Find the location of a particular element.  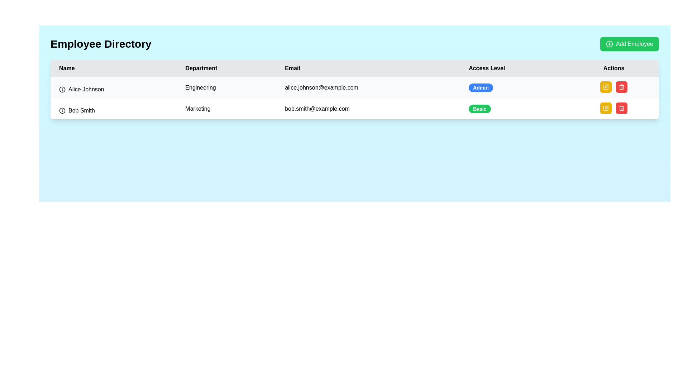

the circular information icon located to the left of the text 'Bob Smith' in the first column of the second row is located at coordinates (62, 110).